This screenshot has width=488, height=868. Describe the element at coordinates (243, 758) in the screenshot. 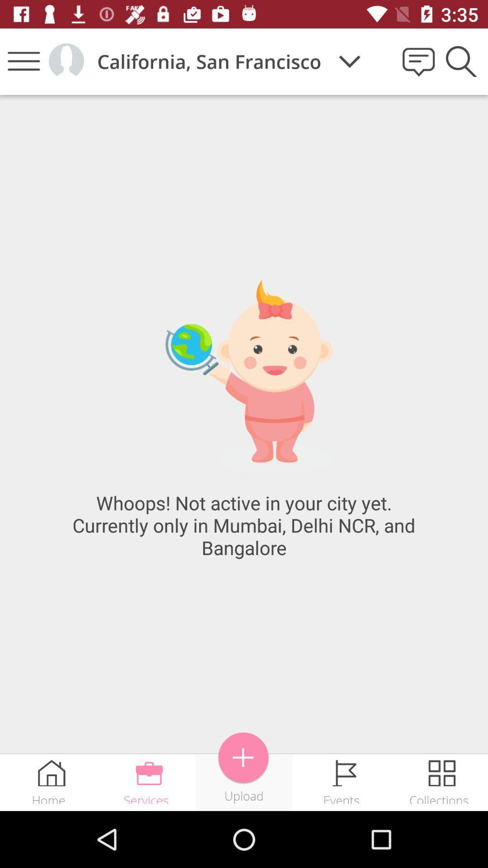

I see `icon next to events item` at that location.